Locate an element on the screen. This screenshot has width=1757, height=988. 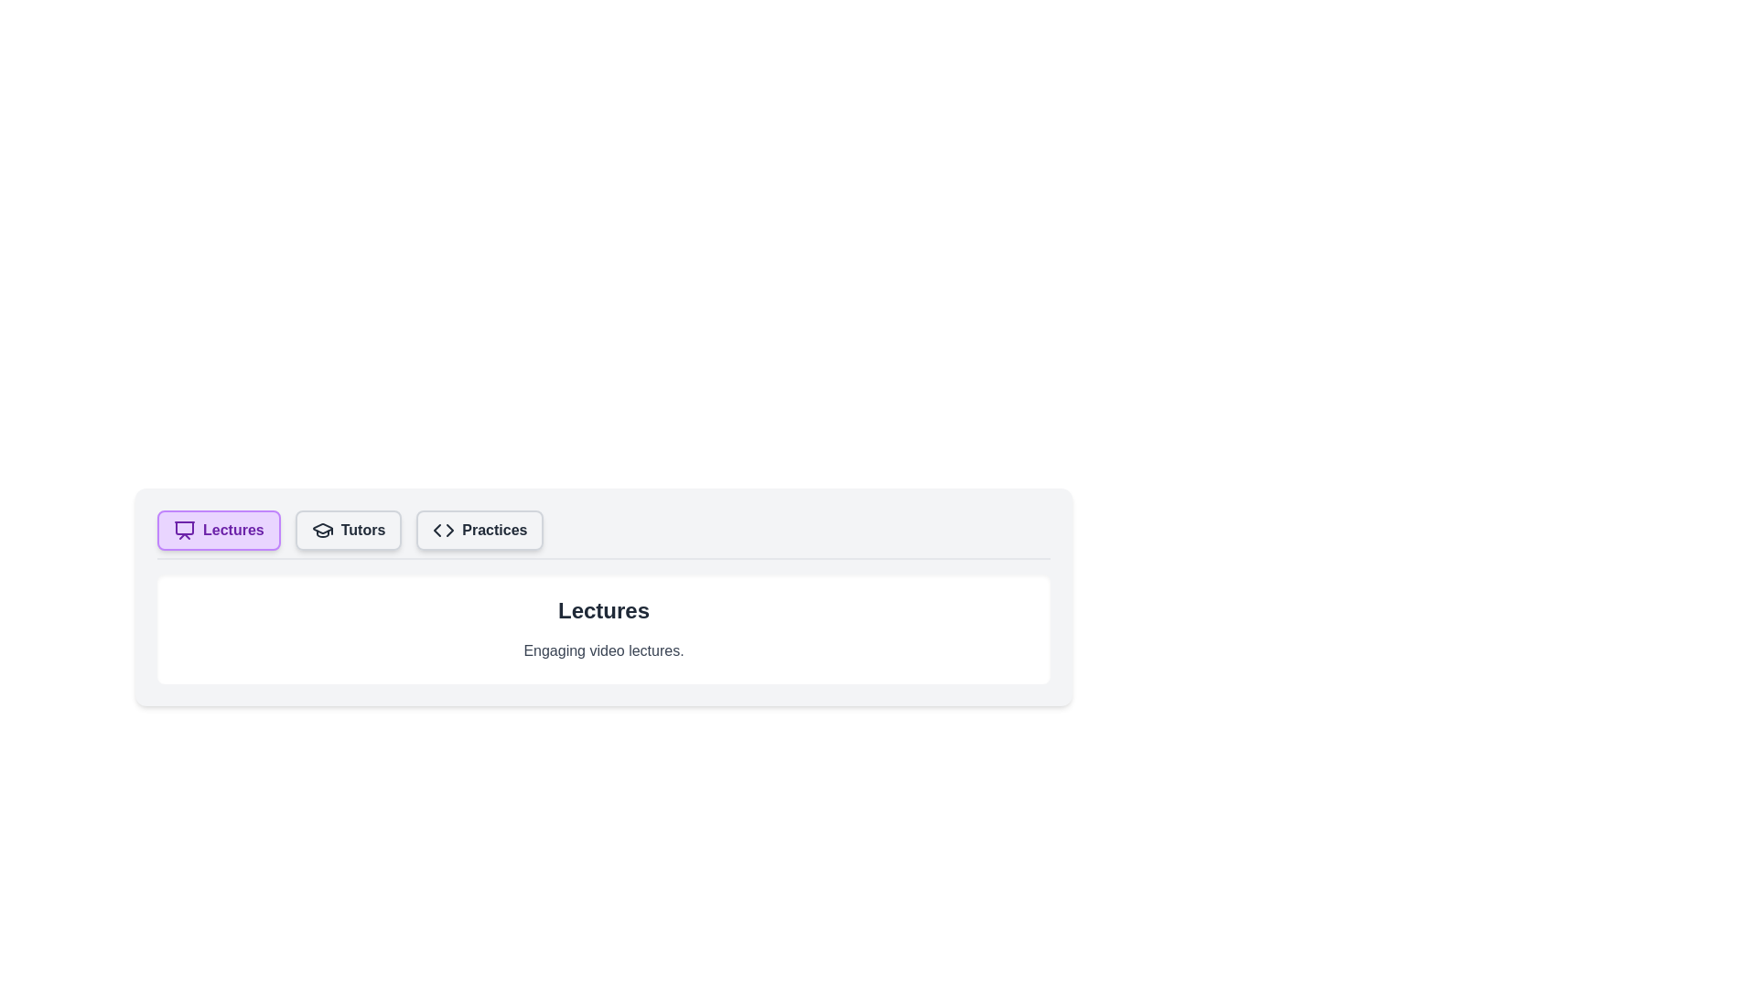
the triangular top section of the graduation cap icon in the leftmost tab of the horizontal tab layout is located at coordinates (322, 529).